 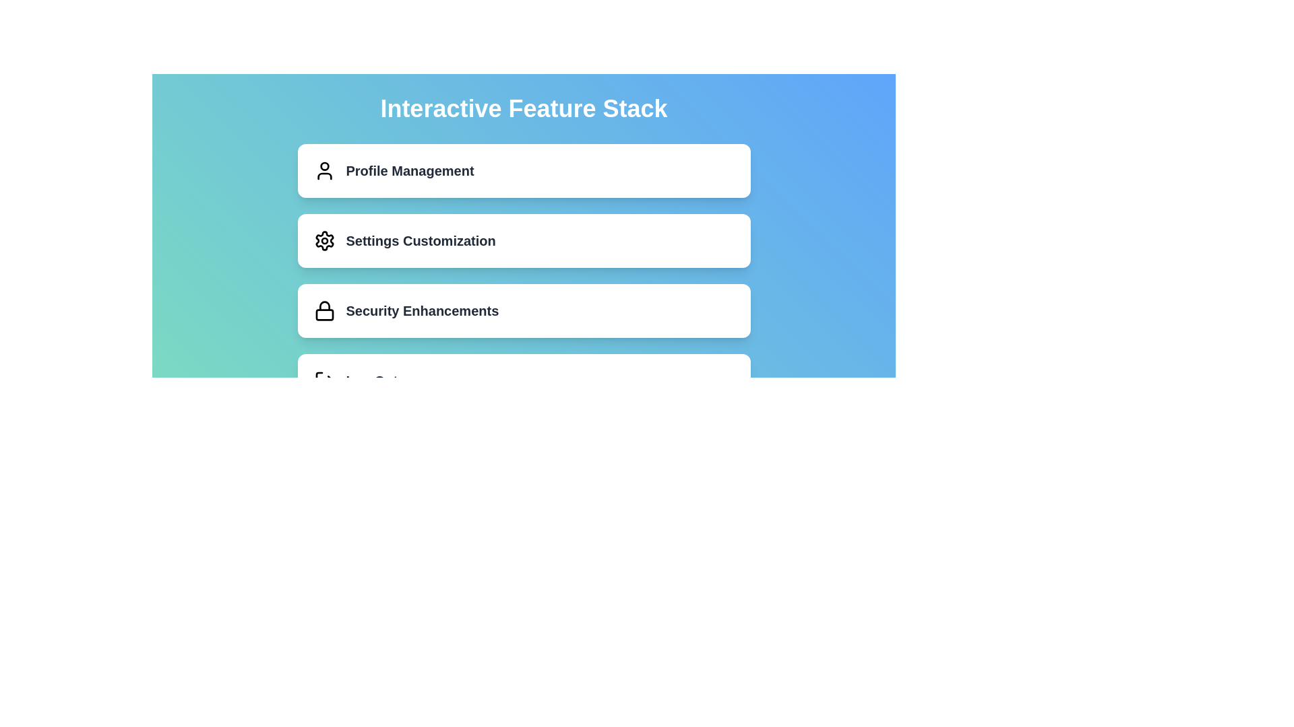 I want to click on the small filled circular shape that represents the head of the outlined person icon in the first card under the title 'Interactive Feature Stack', so click(x=324, y=166).